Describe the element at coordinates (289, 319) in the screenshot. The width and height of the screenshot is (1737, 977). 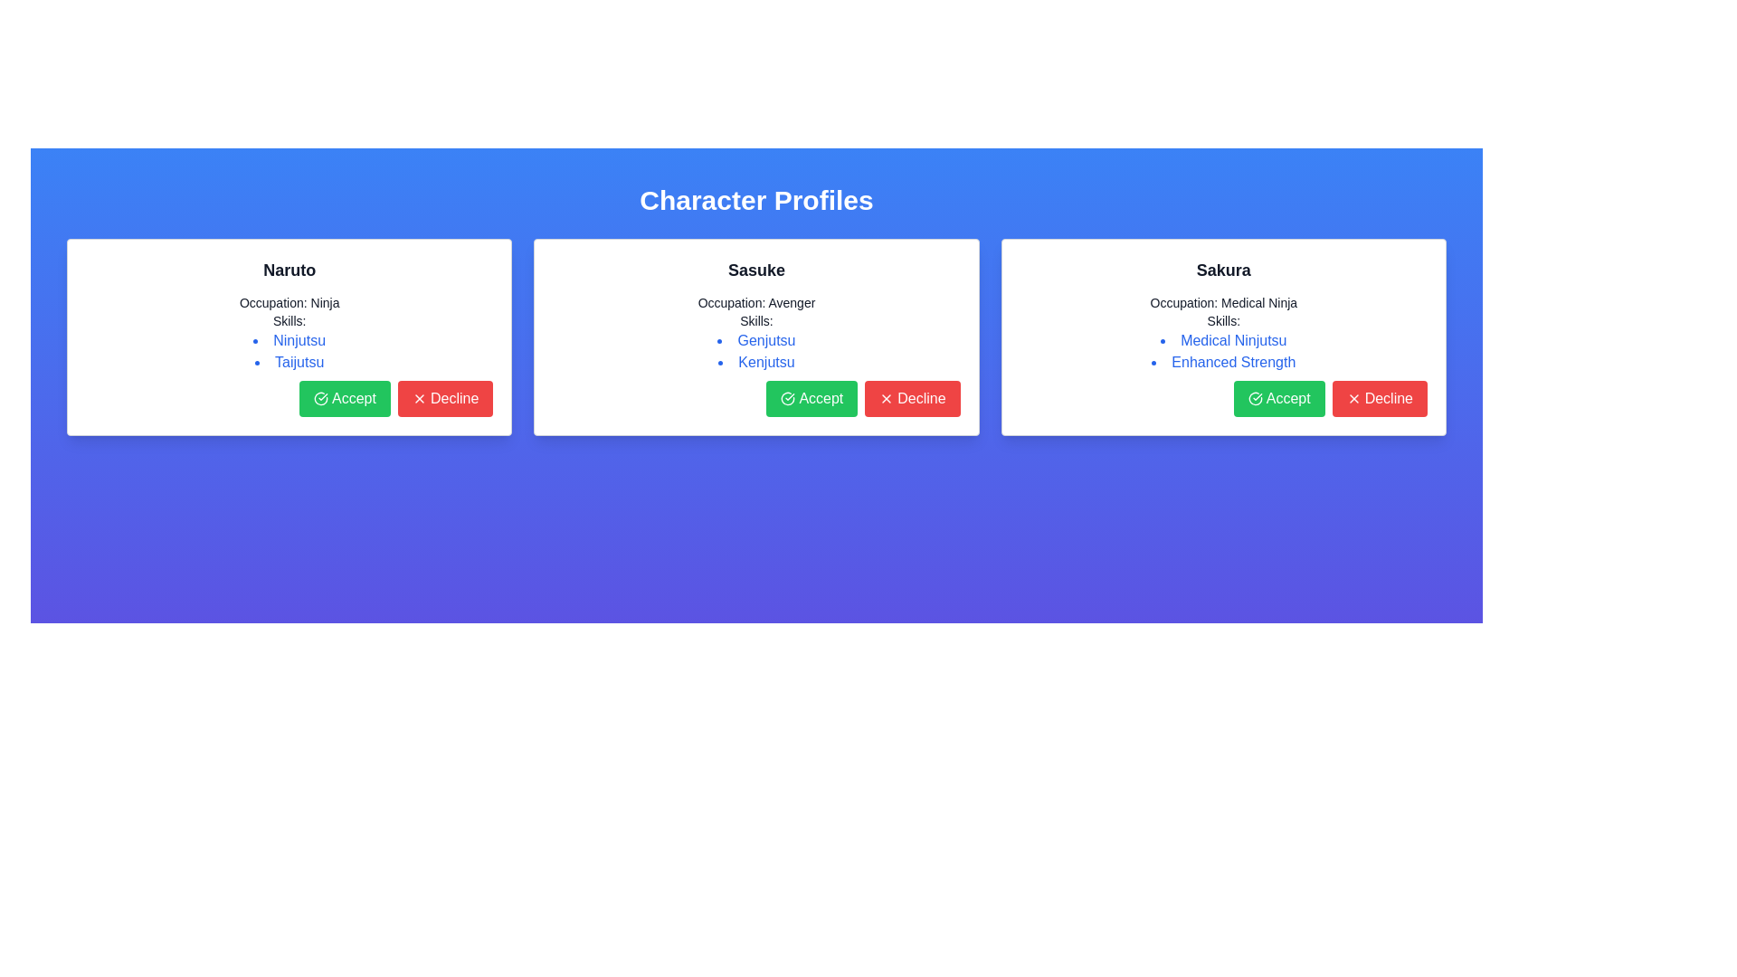
I see `the text label displaying 'Skills:' which is positioned below 'Occupation: Ninja' in the leftmost card of the interface` at that location.